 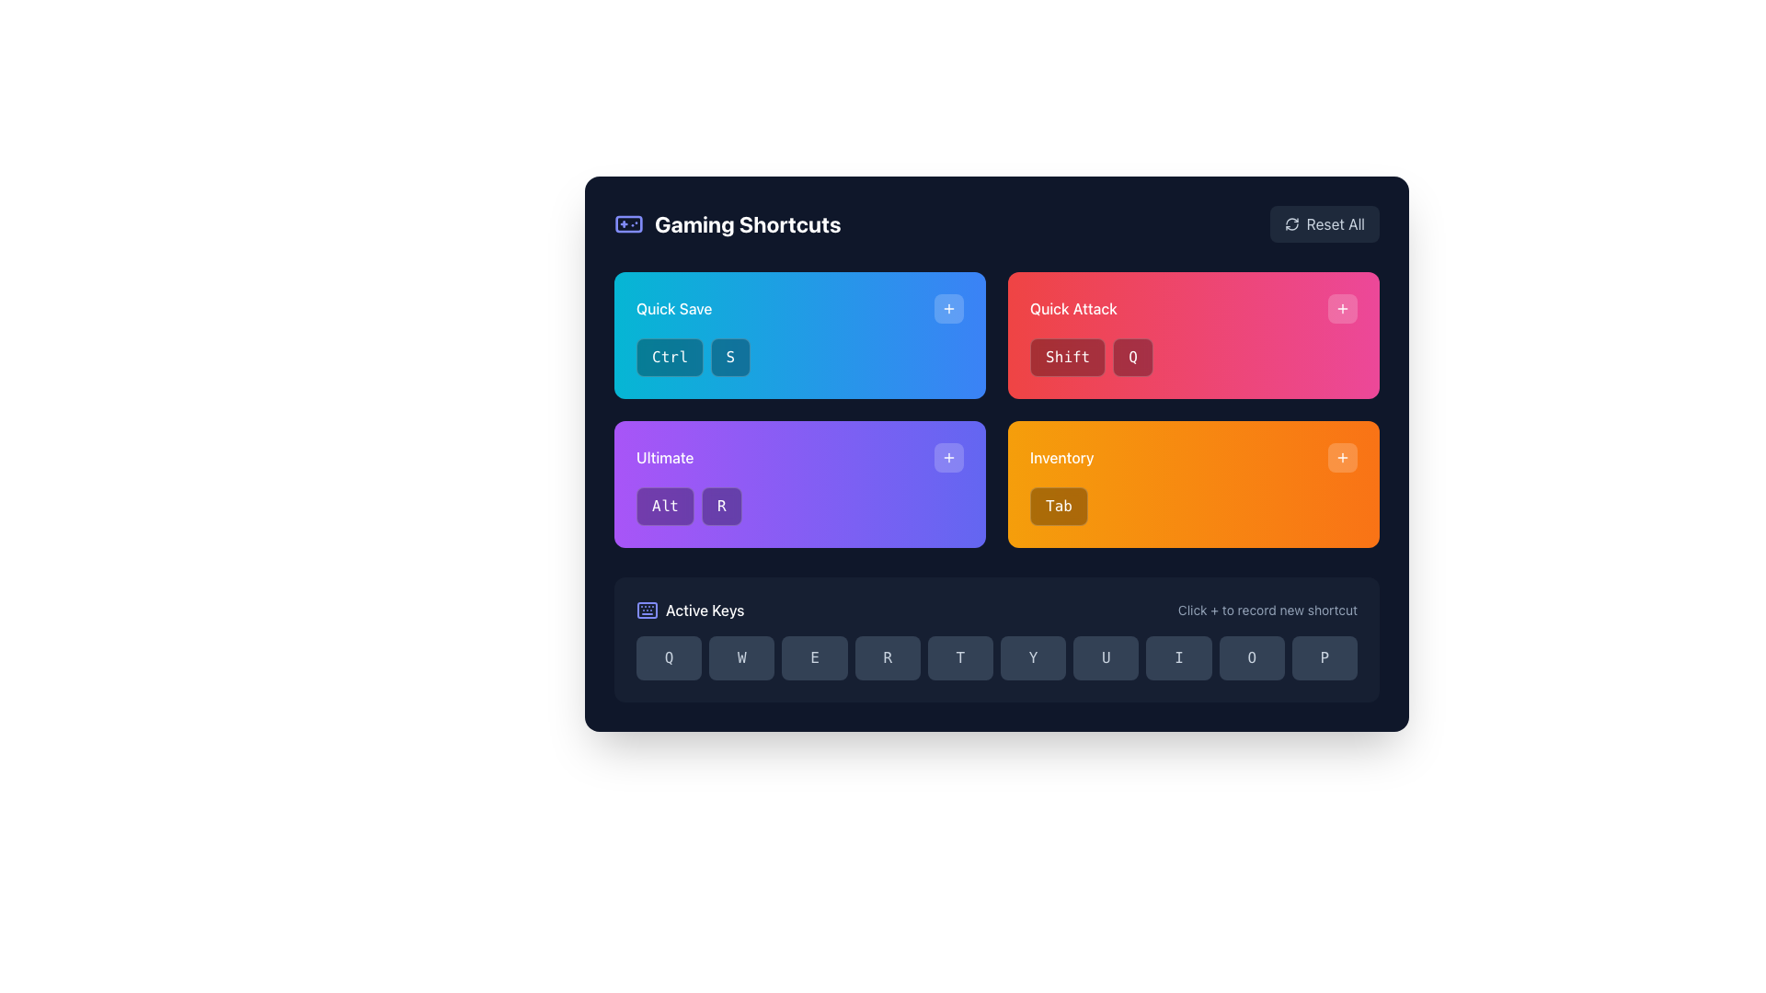 I want to click on the text label displaying 'Ultimate' in white font, located within a purple rectangular region in the lower-left quadrant of the application interface, so click(x=664, y=456).